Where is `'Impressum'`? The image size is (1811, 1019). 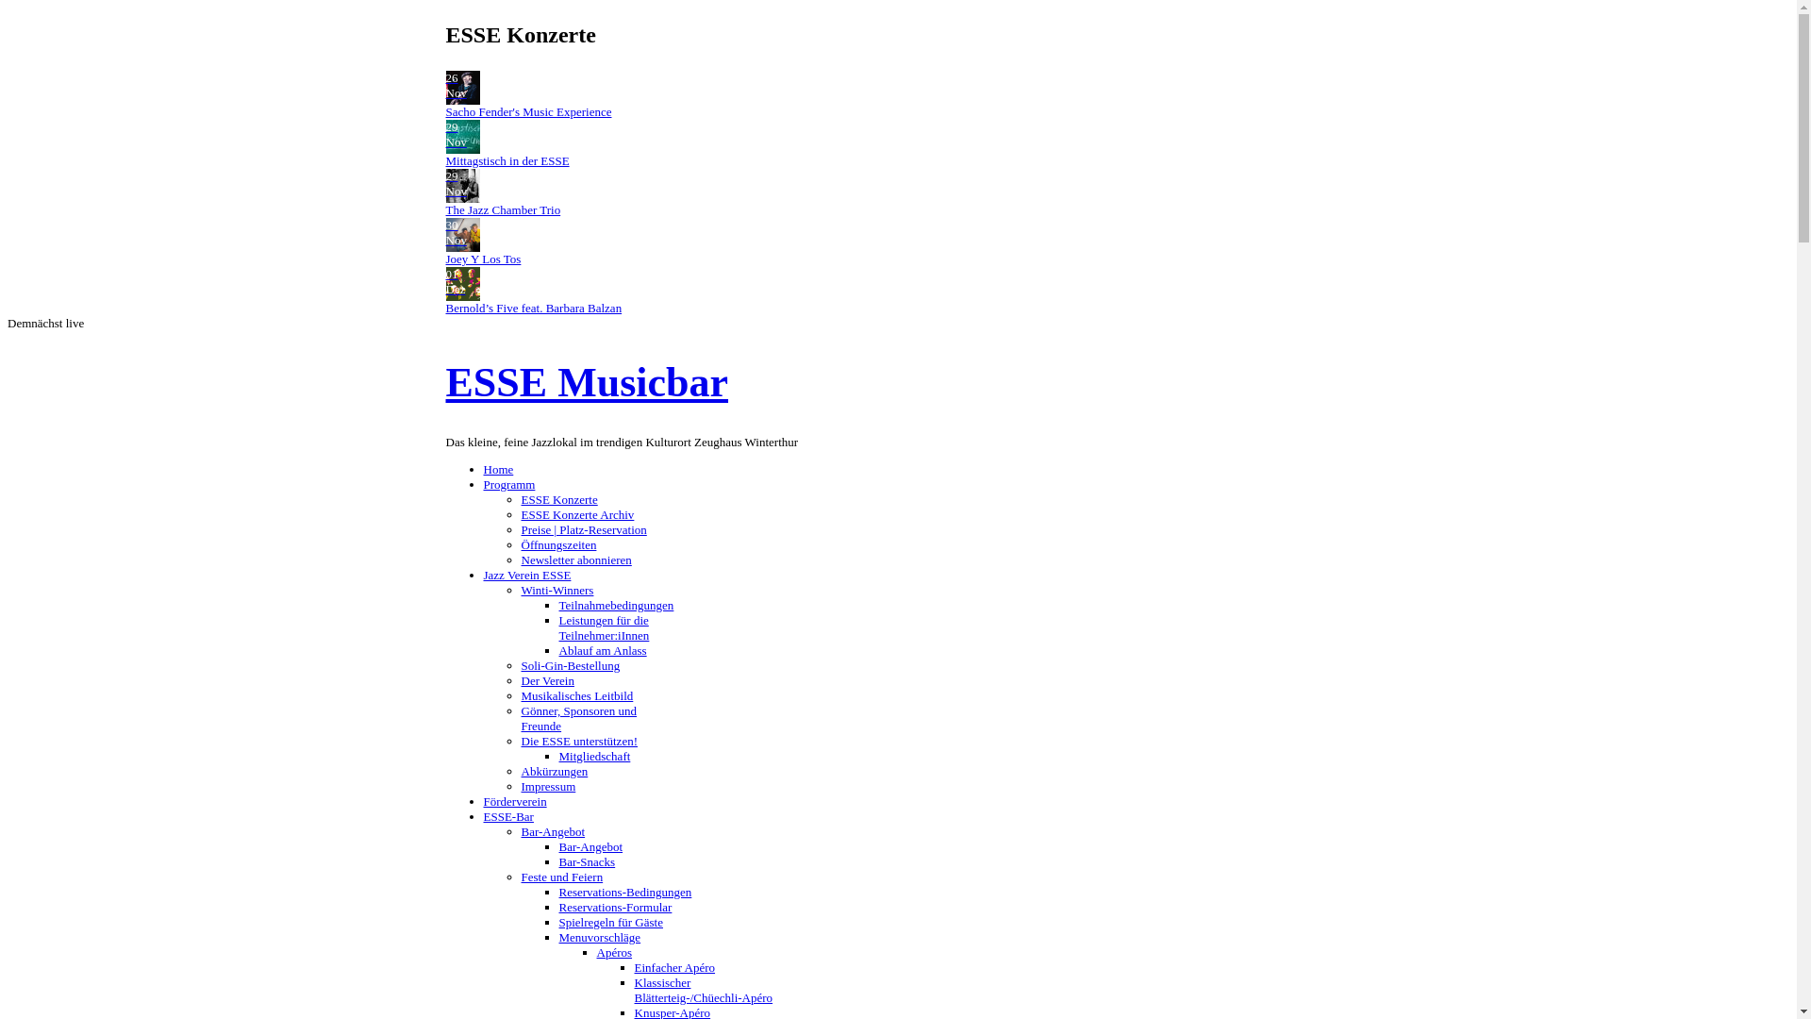
'Impressum' is located at coordinates (546, 786).